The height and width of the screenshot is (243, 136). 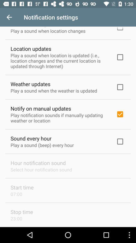 I want to click on icon below notify on manual icon, so click(x=60, y=118).